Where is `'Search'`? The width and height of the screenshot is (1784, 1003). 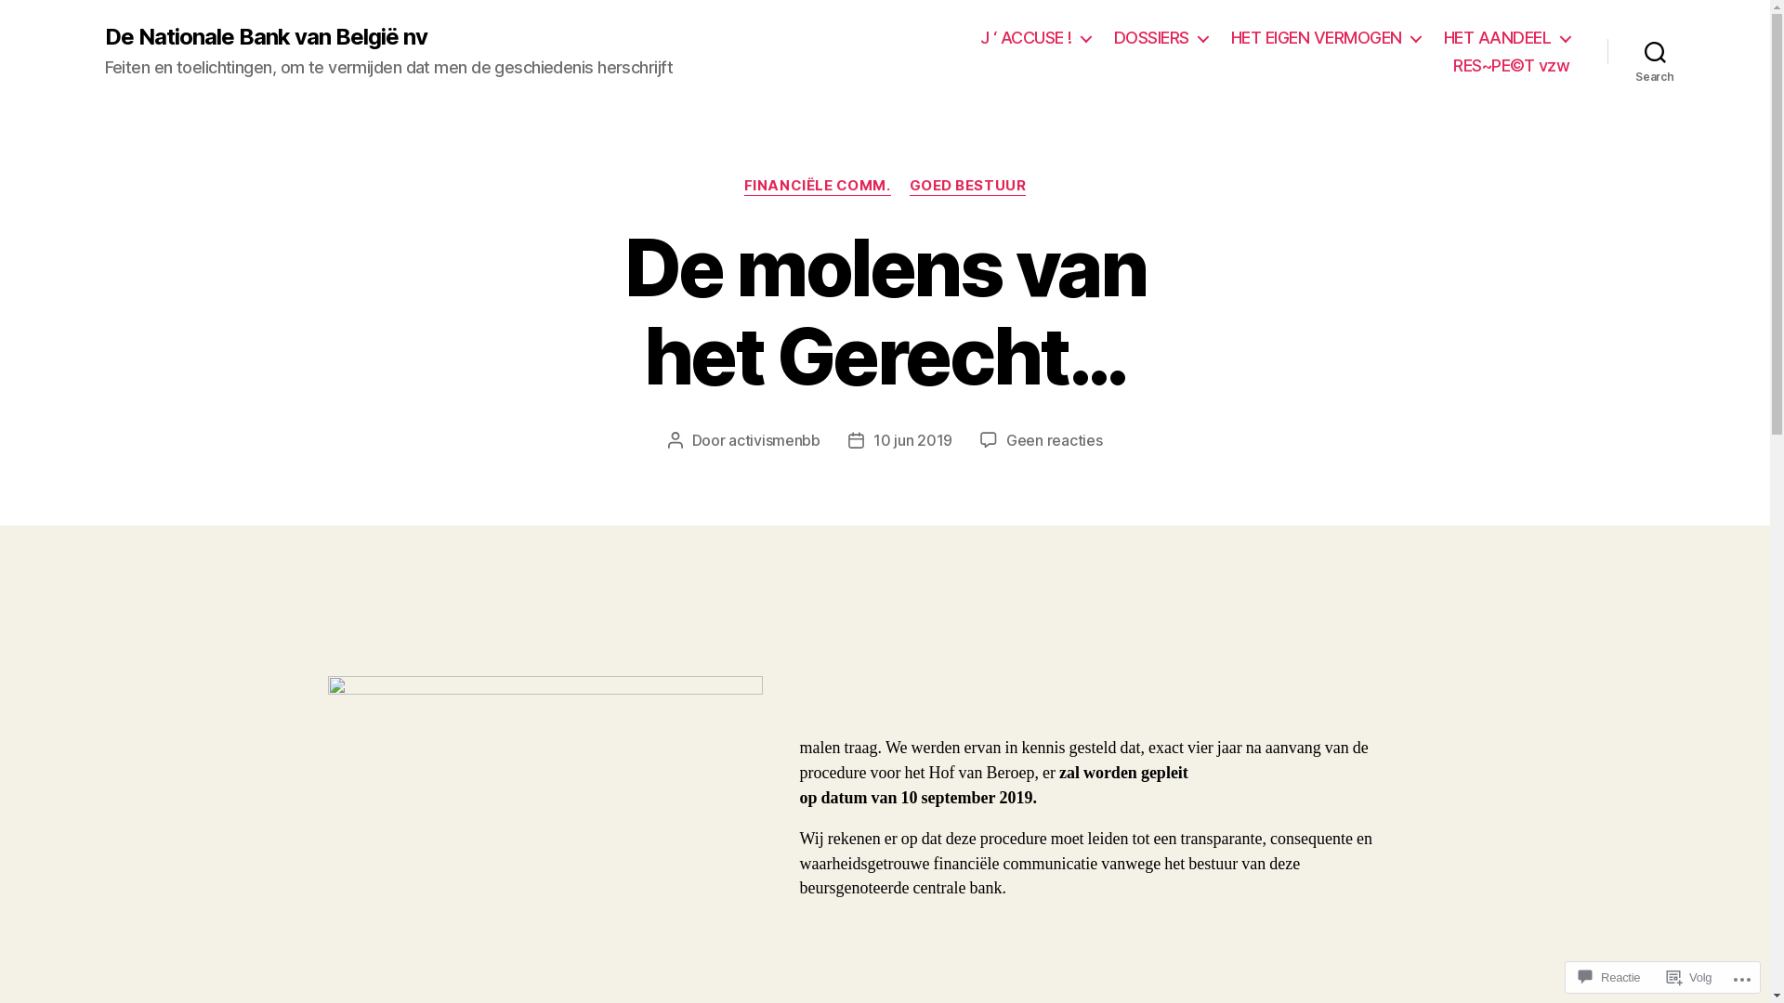 'Search' is located at coordinates (1655, 51).